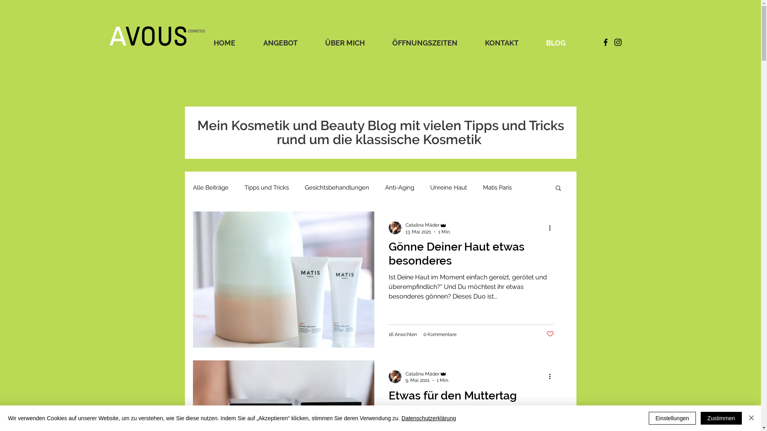 This screenshot has height=431, width=767. What do you see at coordinates (266, 188) in the screenshot?
I see `'Tipps und Tricks'` at bounding box center [266, 188].